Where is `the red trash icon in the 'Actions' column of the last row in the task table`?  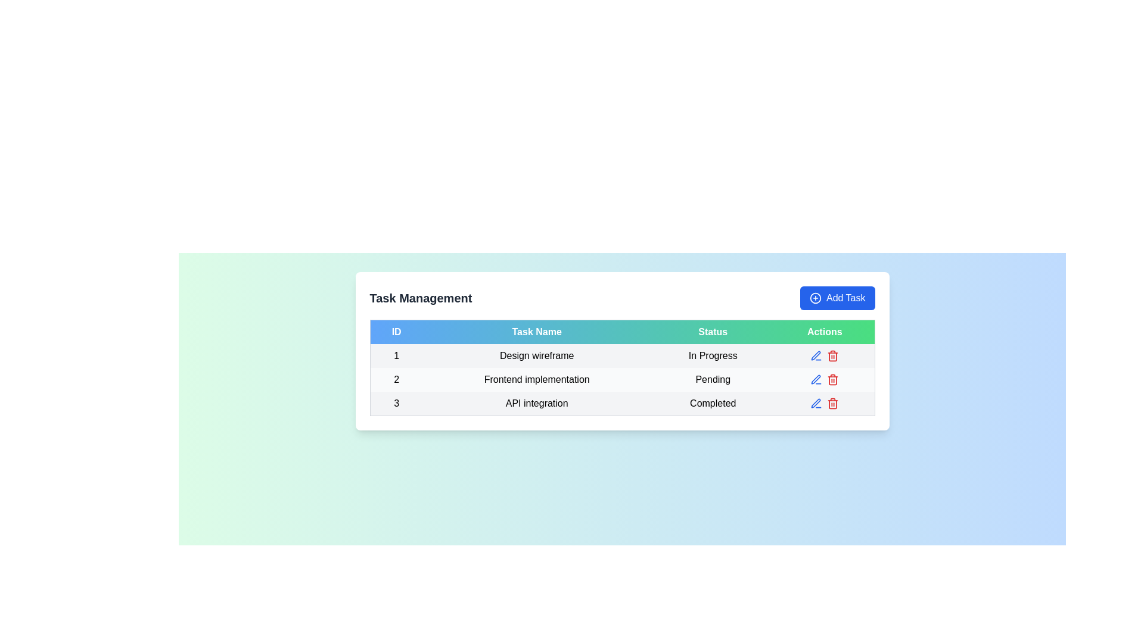 the red trash icon in the 'Actions' column of the last row in the task table is located at coordinates (832, 403).